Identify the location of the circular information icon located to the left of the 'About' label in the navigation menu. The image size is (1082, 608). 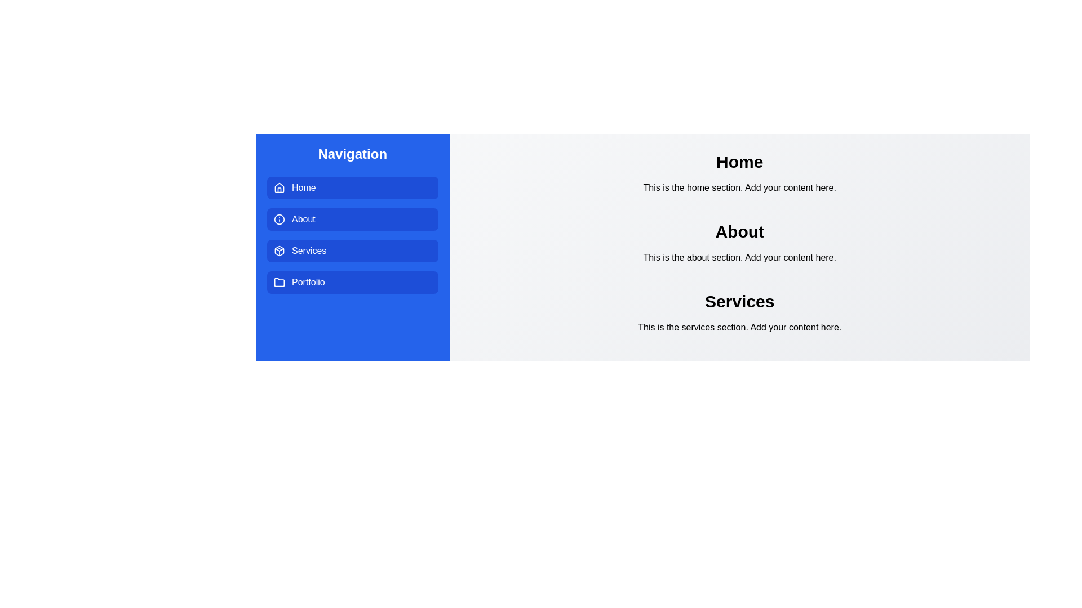
(279, 219).